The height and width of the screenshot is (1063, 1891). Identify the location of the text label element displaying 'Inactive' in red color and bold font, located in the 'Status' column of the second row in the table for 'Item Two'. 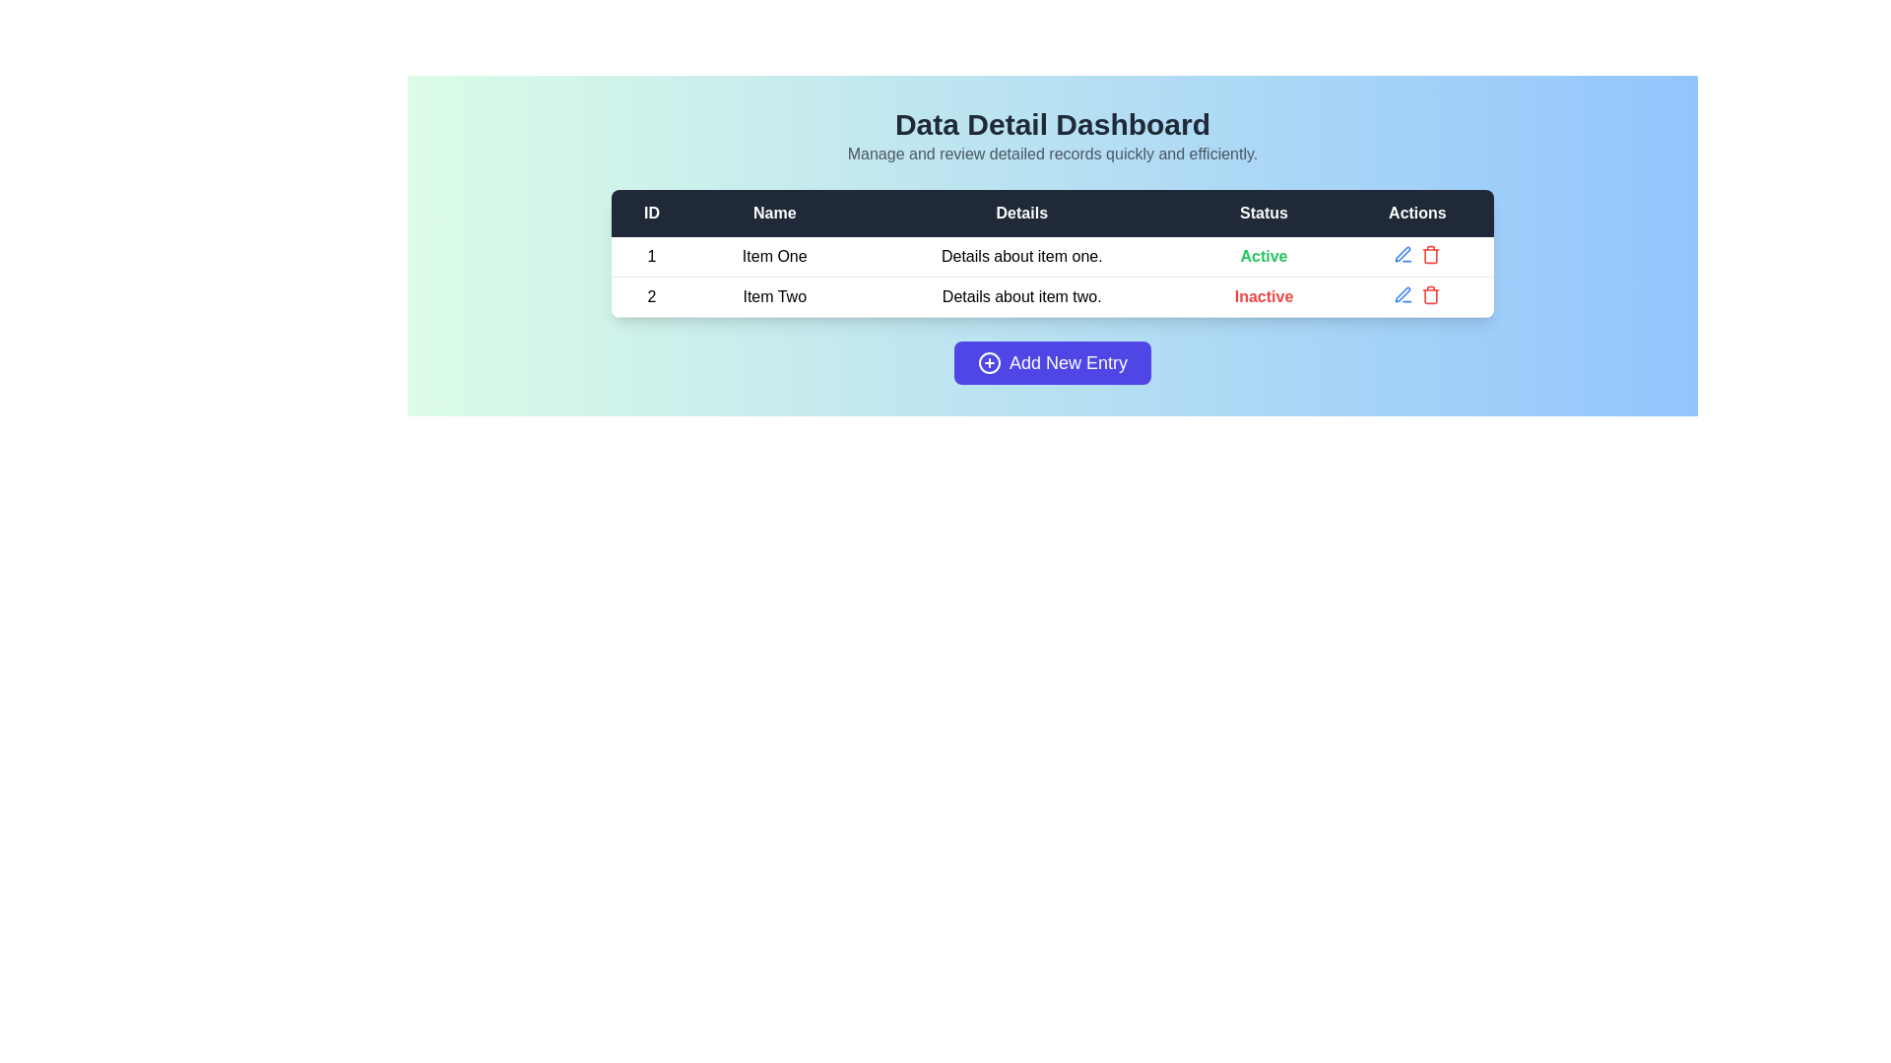
(1264, 296).